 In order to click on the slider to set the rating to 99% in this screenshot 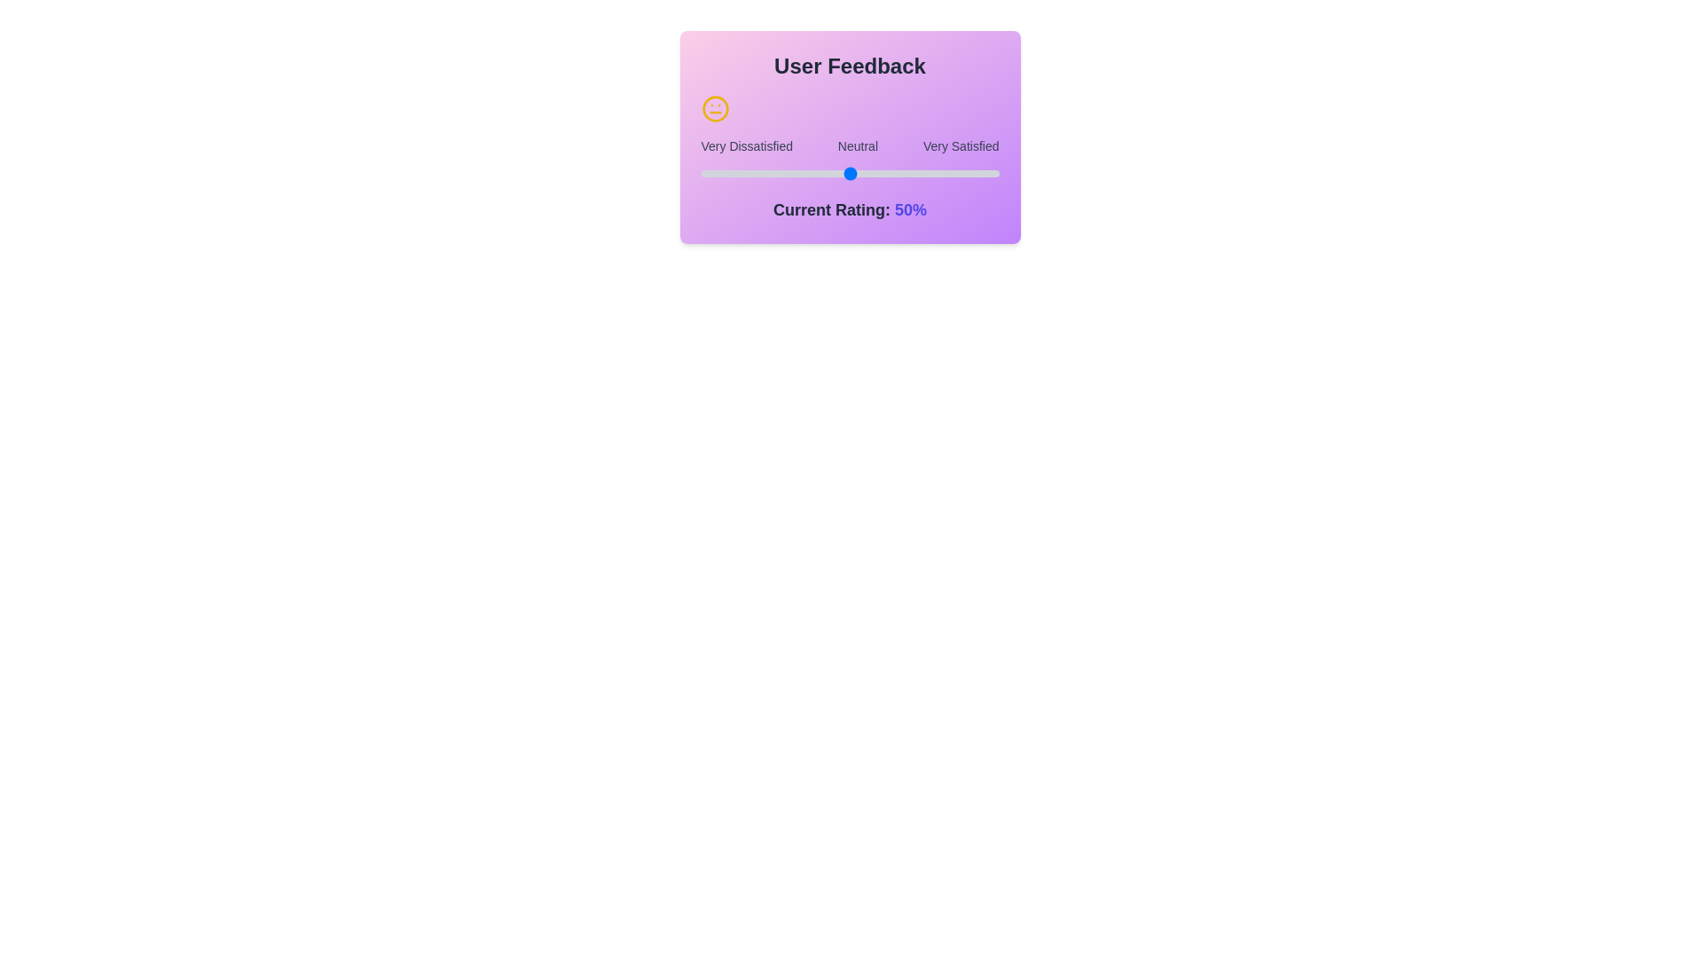, I will do `click(700, 174)`.